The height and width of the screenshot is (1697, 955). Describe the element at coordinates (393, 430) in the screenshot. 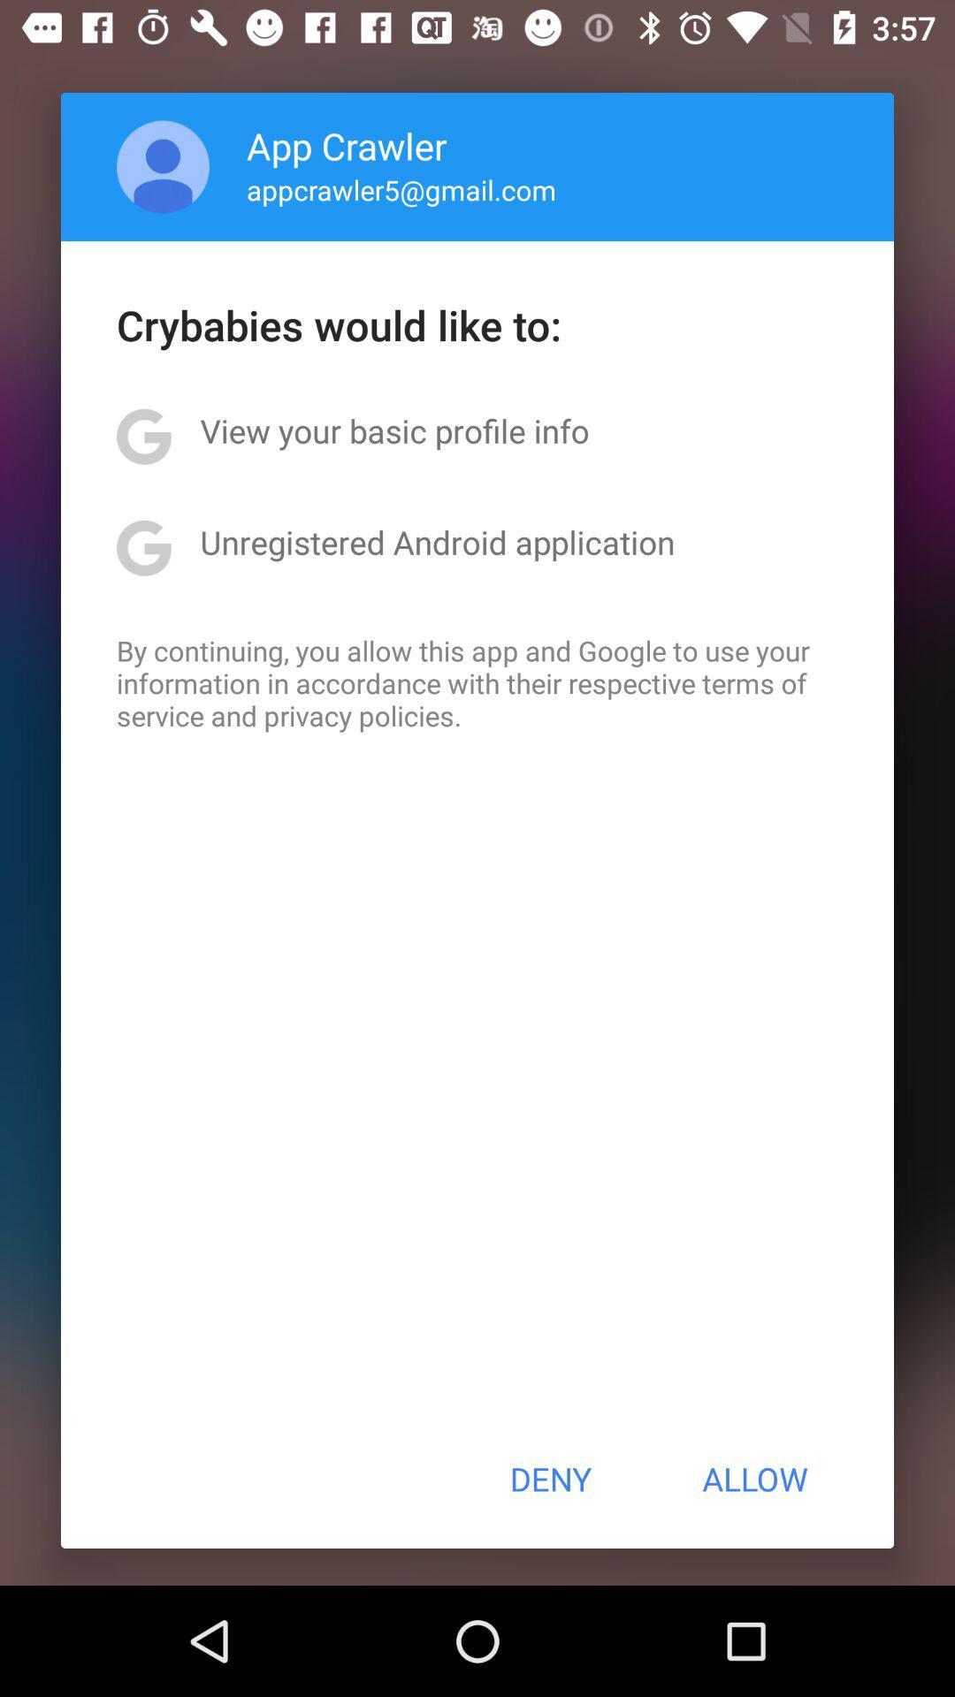

I see `icon below the crybabies would like item` at that location.